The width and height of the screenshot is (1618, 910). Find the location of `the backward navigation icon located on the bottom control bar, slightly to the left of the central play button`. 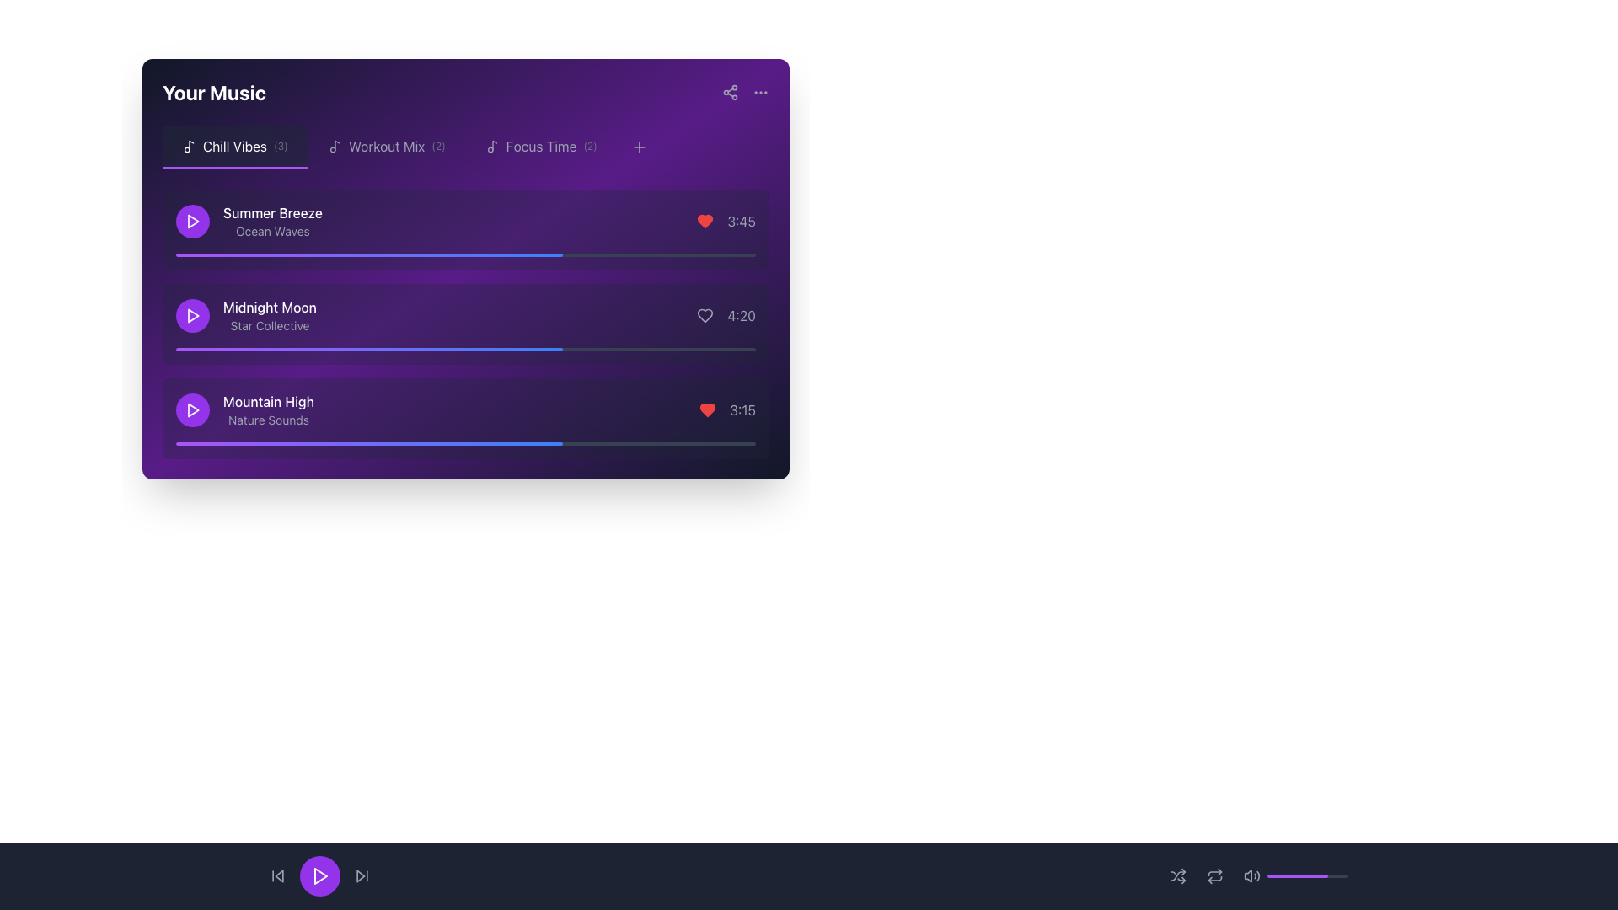

the backward navigation icon located on the bottom control bar, slightly to the left of the central play button is located at coordinates (279, 875).